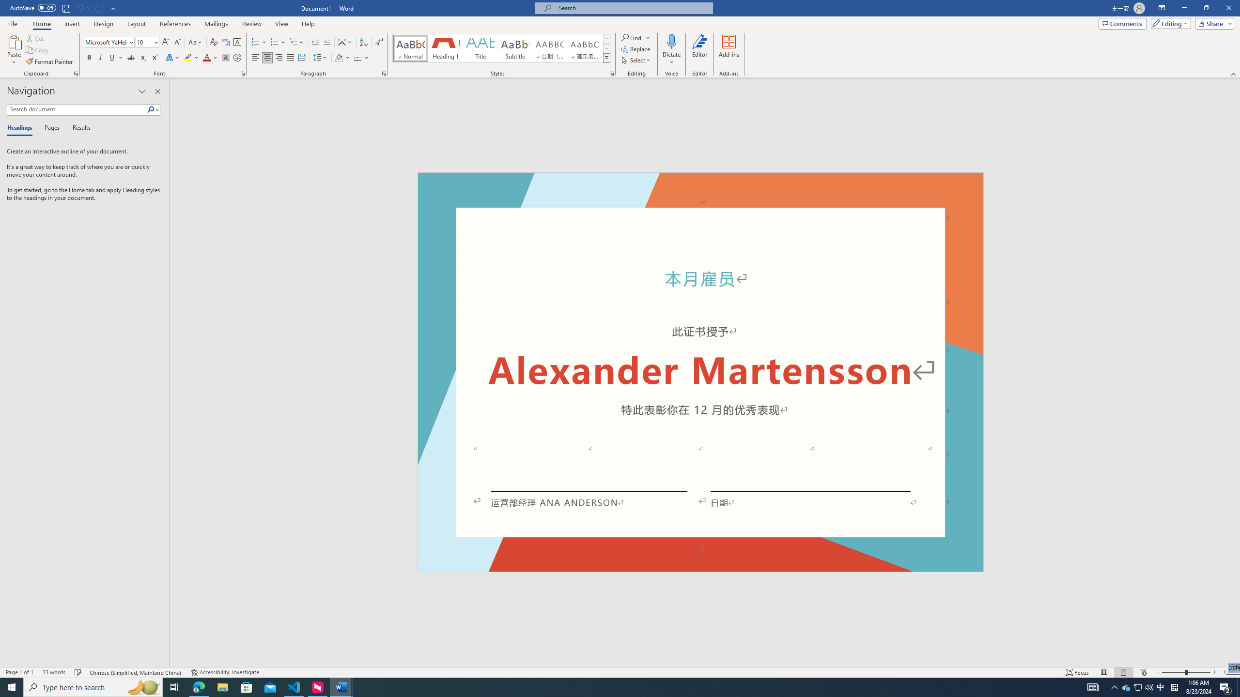 This screenshot has width=1240, height=697. Describe the element at coordinates (187, 57) in the screenshot. I see `'Text Highlight Color Yellow'` at that location.